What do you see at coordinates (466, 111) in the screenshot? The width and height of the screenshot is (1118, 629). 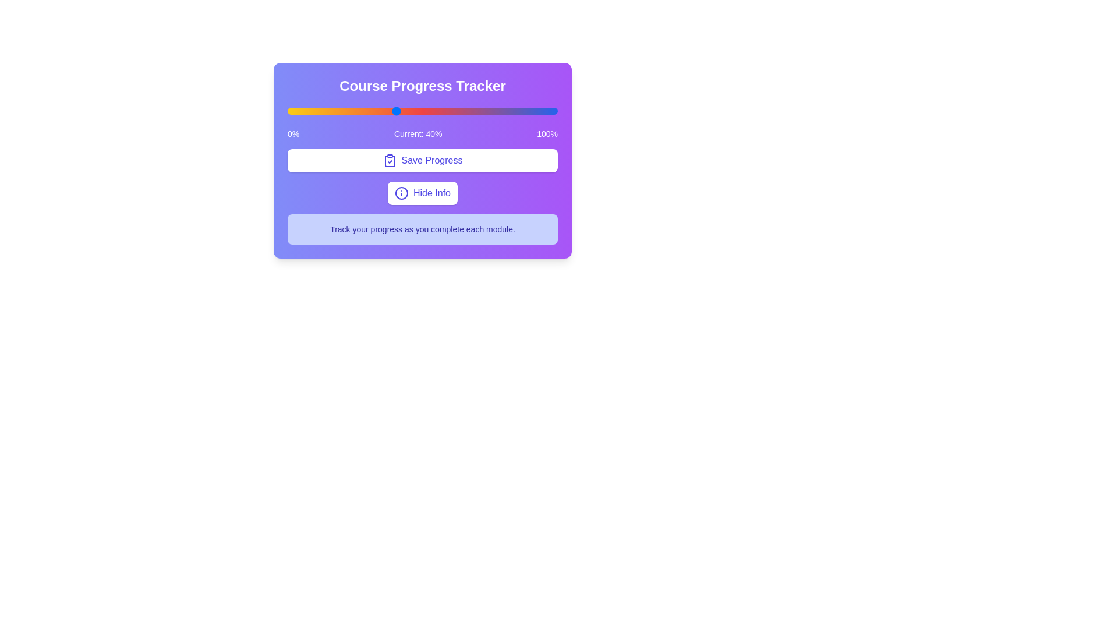 I see `the course progress` at bounding box center [466, 111].